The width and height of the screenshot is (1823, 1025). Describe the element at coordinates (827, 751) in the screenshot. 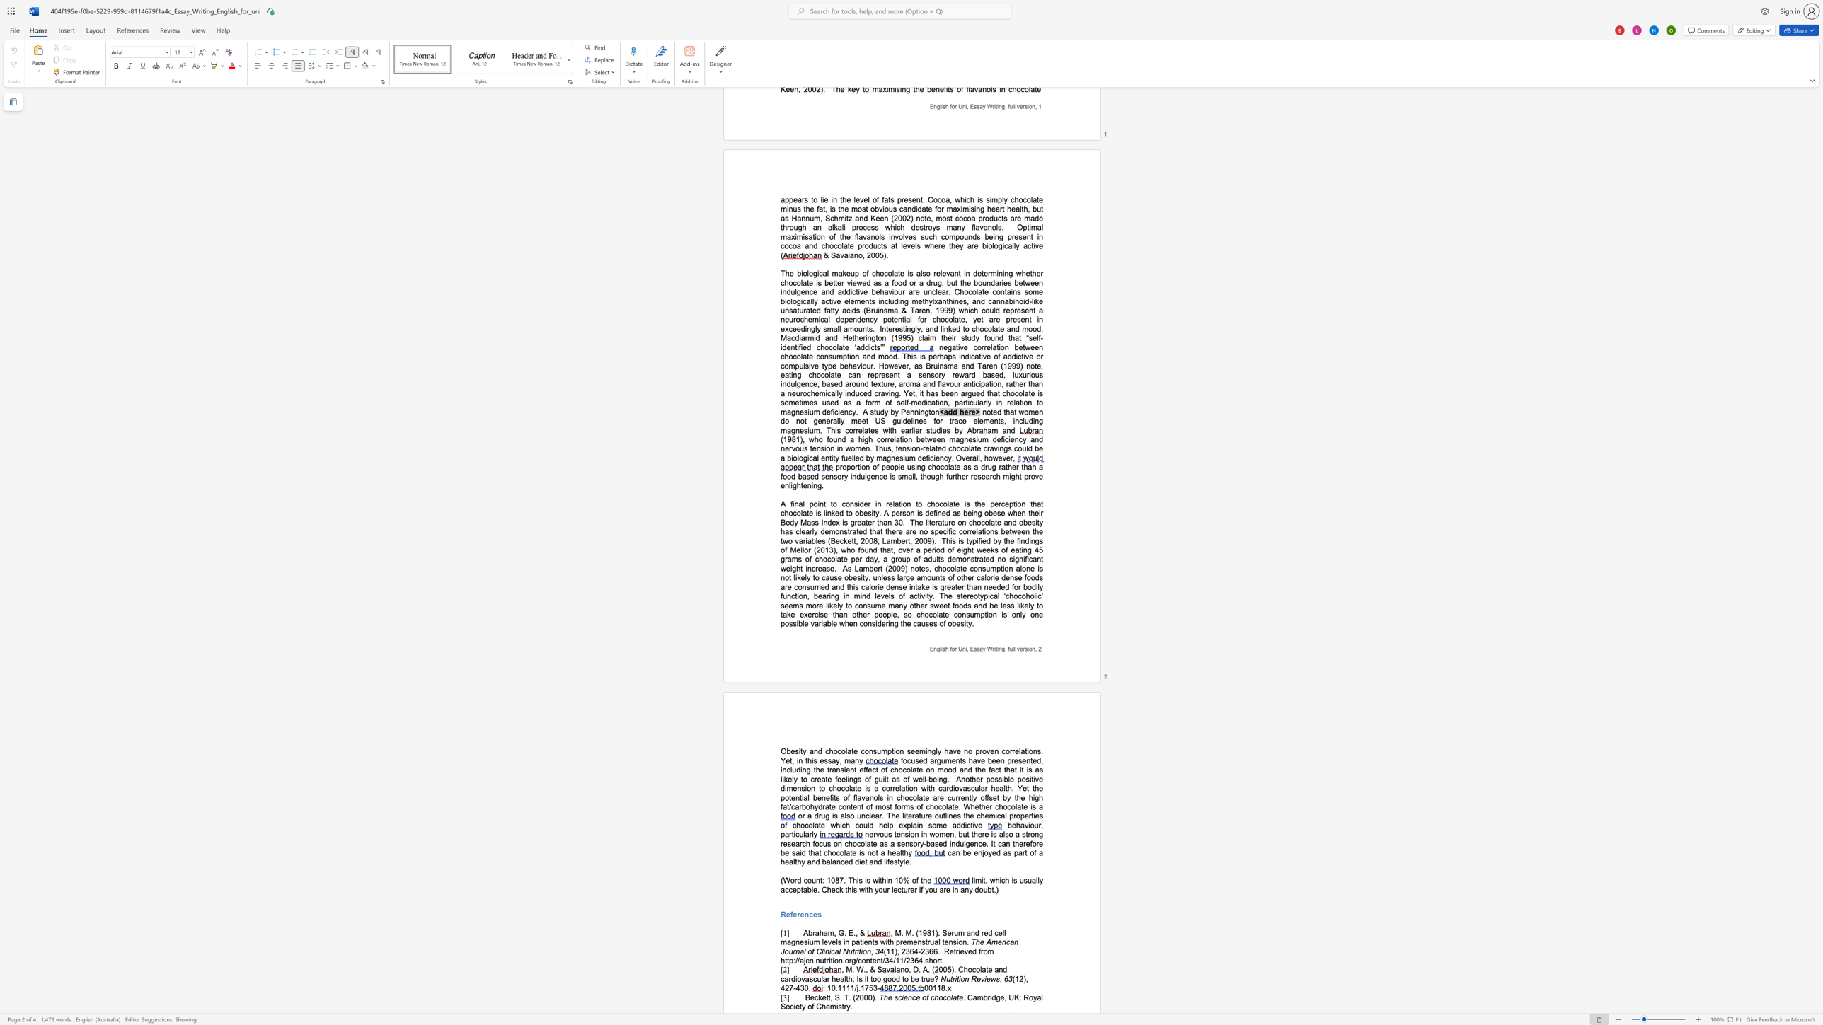

I see `the 1th character "c" in the text` at that location.